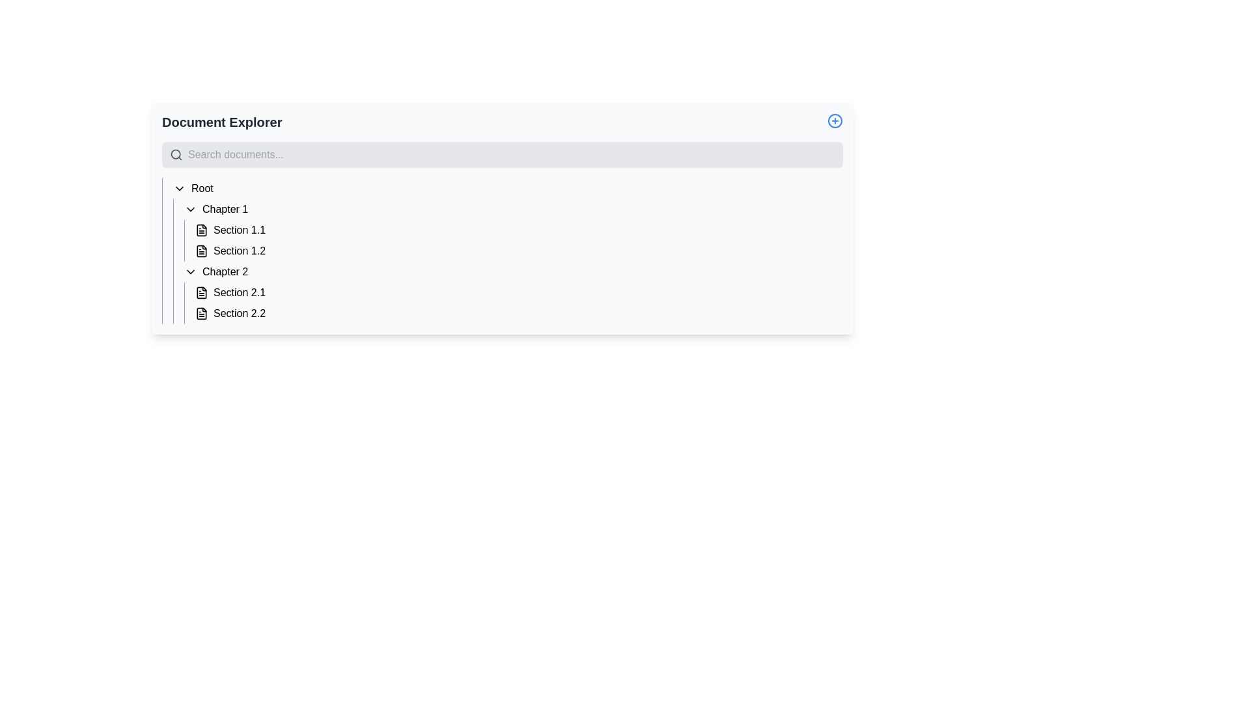  What do you see at coordinates (201, 230) in the screenshot?
I see `the document icon located at the far left of the row labeled 'Section 1.1'` at bounding box center [201, 230].